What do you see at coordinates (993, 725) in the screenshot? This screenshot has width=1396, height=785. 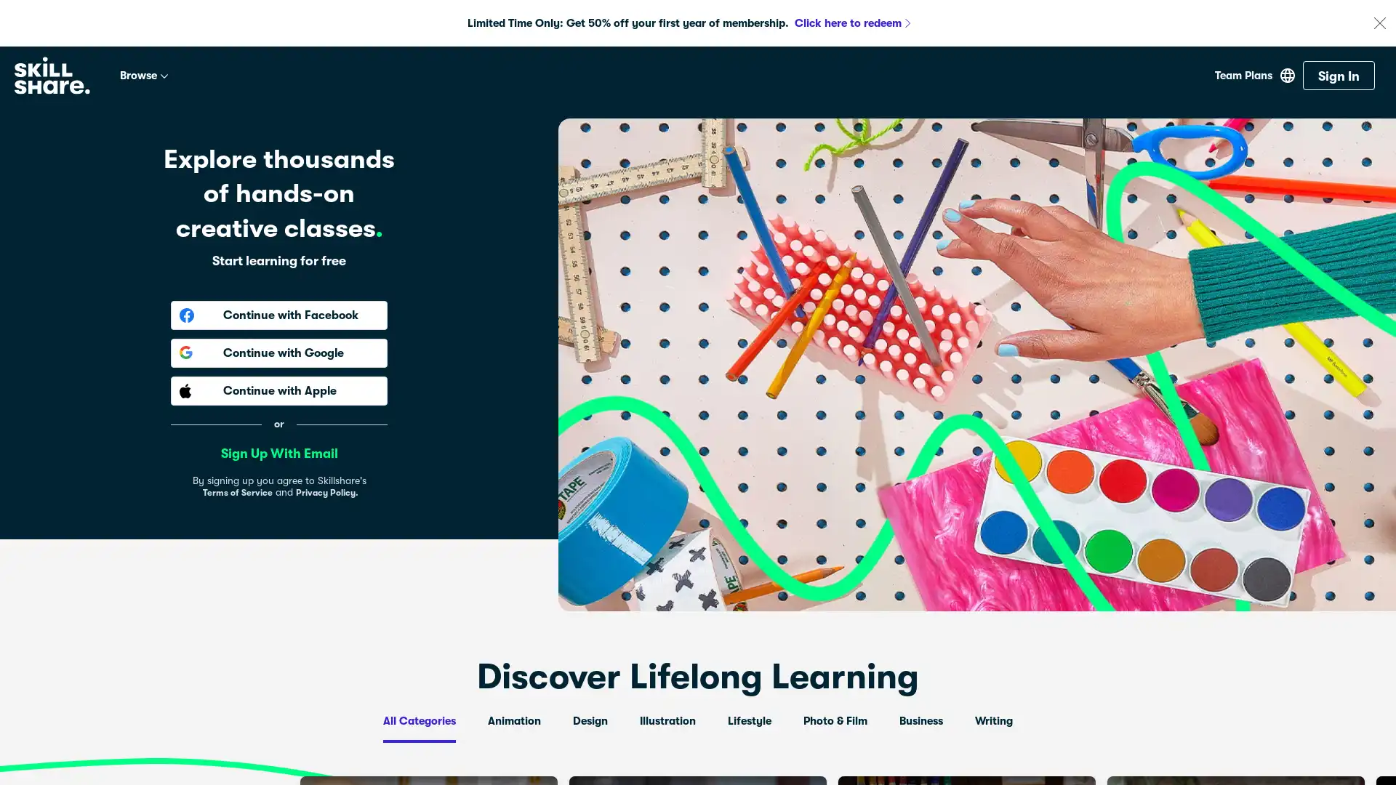 I see `Writing` at bounding box center [993, 725].